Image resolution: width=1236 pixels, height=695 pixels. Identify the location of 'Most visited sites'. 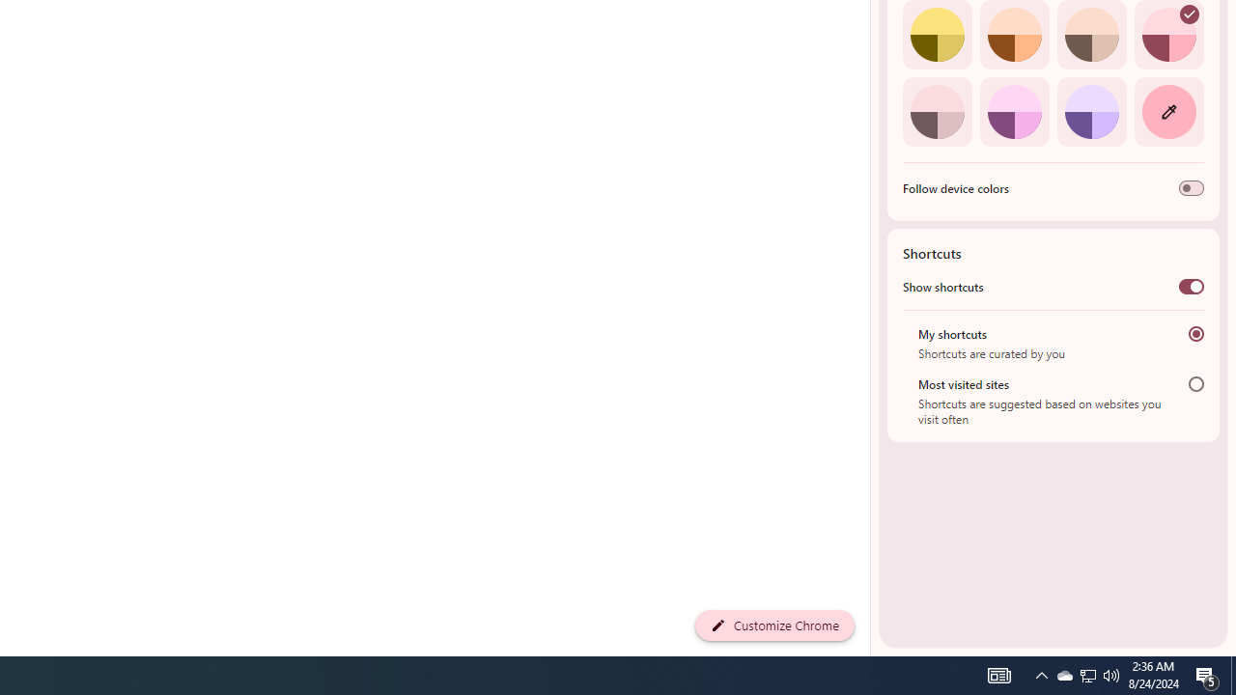
(1195, 384).